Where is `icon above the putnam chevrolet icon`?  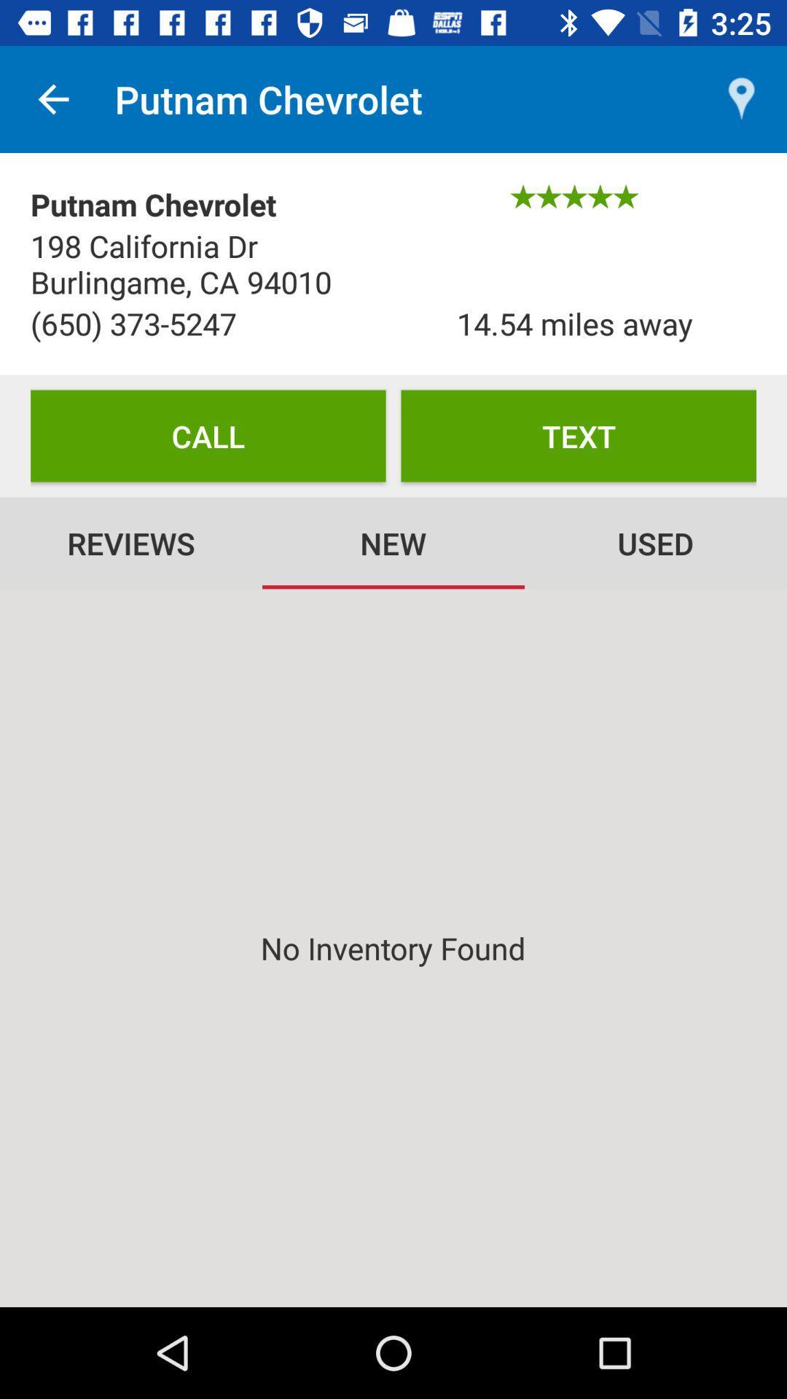 icon above the putnam chevrolet icon is located at coordinates (52, 98).